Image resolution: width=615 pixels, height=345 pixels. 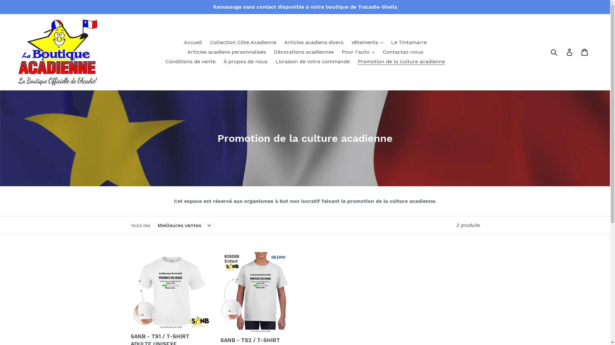 What do you see at coordinates (570, 52) in the screenshot?
I see `'Se connecter'` at bounding box center [570, 52].